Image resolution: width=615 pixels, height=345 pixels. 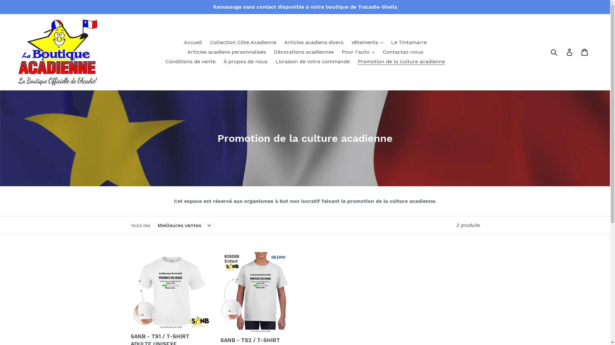 What do you see at coordinates (570, 52) in the screenshot?
I see `'Se connecter'` at bounding box center [570, 52].